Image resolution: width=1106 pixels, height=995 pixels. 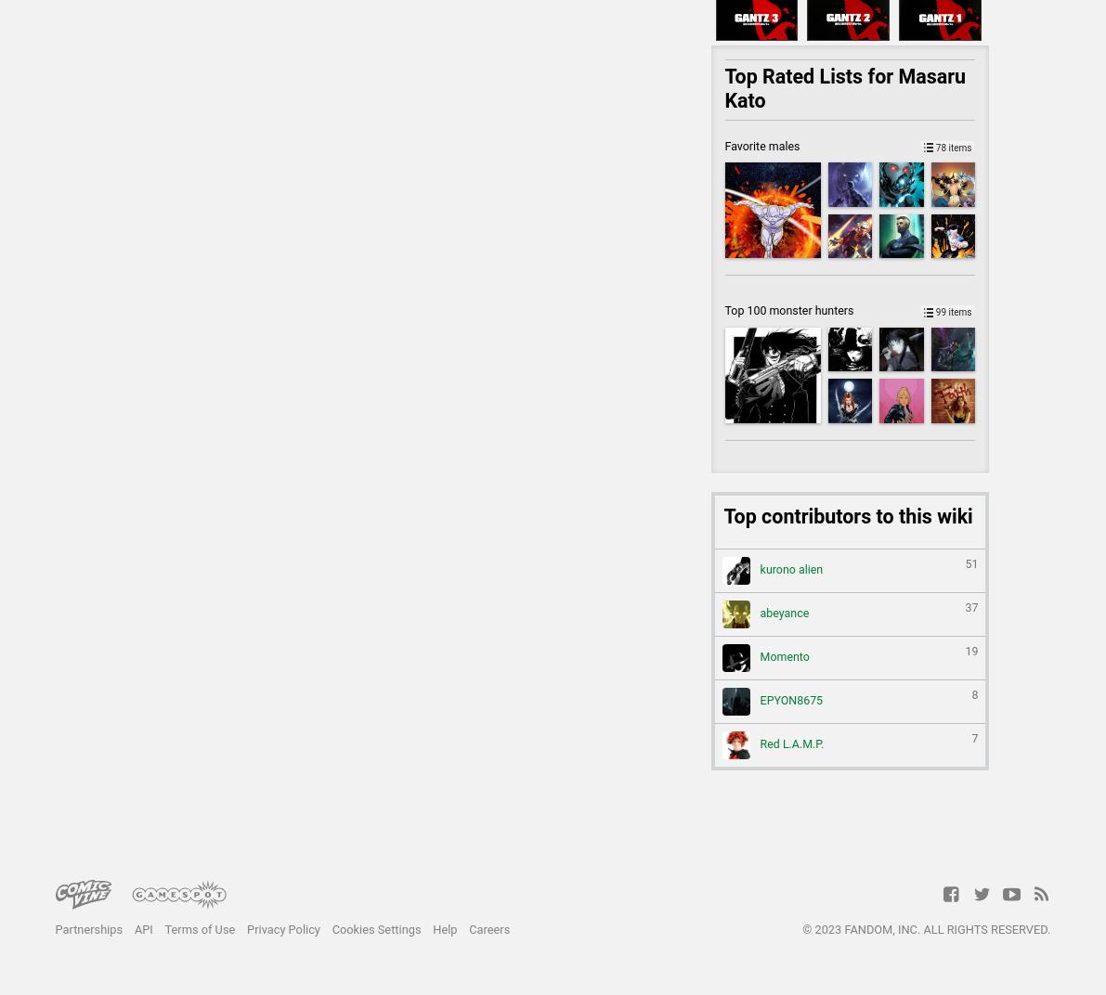 What do you see at coordinates (141, 927) in the screenshot?
I see `'API'` at bounding box center [141, 927].